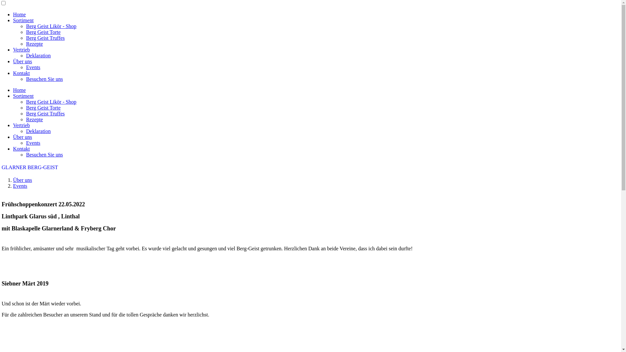 Image resolution: width=626 pixels, height=352 pixels. What do you see at coordinates (44, 154) in the screenshot?
I see `'Besuchen Sie uns'` at bounding box center [44, 154].